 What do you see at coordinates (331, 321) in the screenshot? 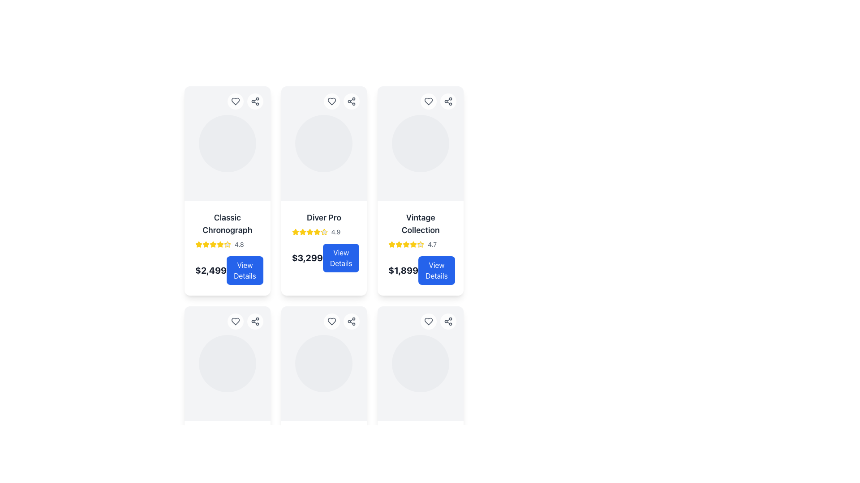
I see `the heart-shaped icon button located at the top-left corner of the second row of card items to like or unlike the content` at bounding box center [331, 321].